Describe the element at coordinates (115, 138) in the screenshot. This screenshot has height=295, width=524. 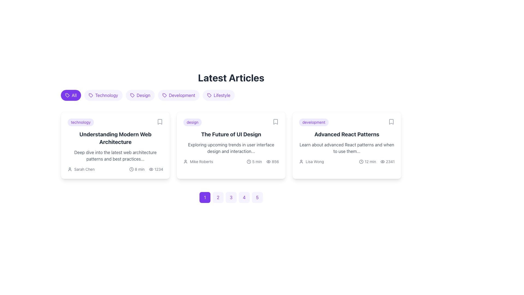
I see `the Heading text element located in the first article card under the 'Latest Articles' section, which serves as the title of the article and is positioned centrally above the summary paragraph` at that location.